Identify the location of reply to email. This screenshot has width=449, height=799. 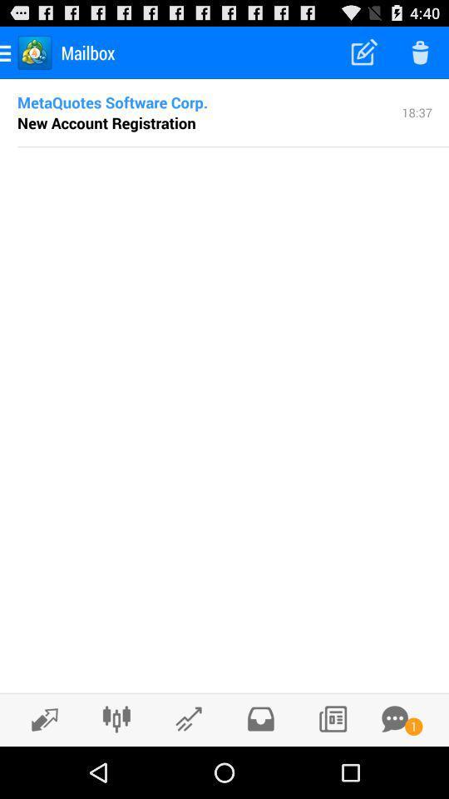
(188, 718).